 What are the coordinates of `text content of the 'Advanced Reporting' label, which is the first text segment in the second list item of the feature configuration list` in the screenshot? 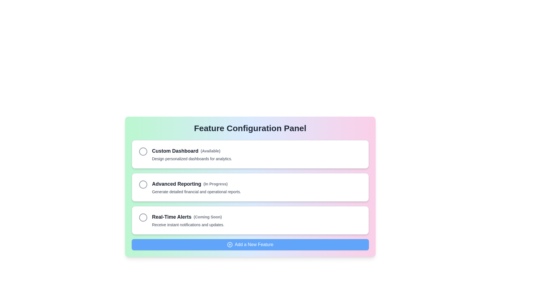 It's located at (176, 184).